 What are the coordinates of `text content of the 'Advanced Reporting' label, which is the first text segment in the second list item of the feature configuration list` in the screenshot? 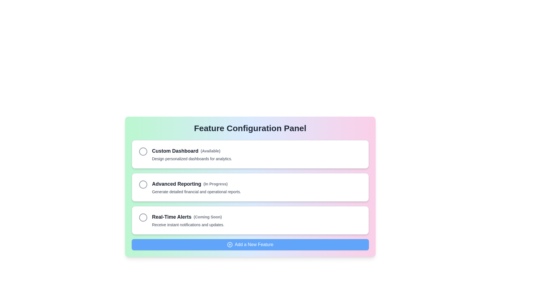 It's located at (176, 184).